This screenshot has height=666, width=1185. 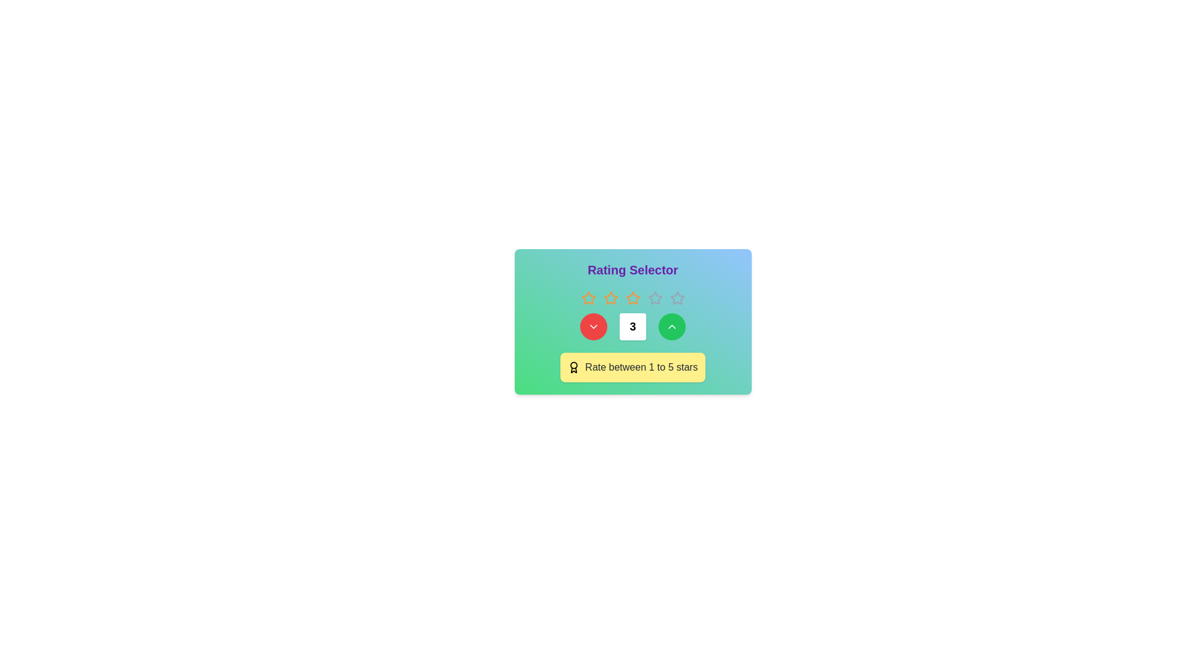 I want to click on the Text with Icon element that provides an explanation for the rating feature, located at the bottom of the card interface, so click(x=633, y=367).